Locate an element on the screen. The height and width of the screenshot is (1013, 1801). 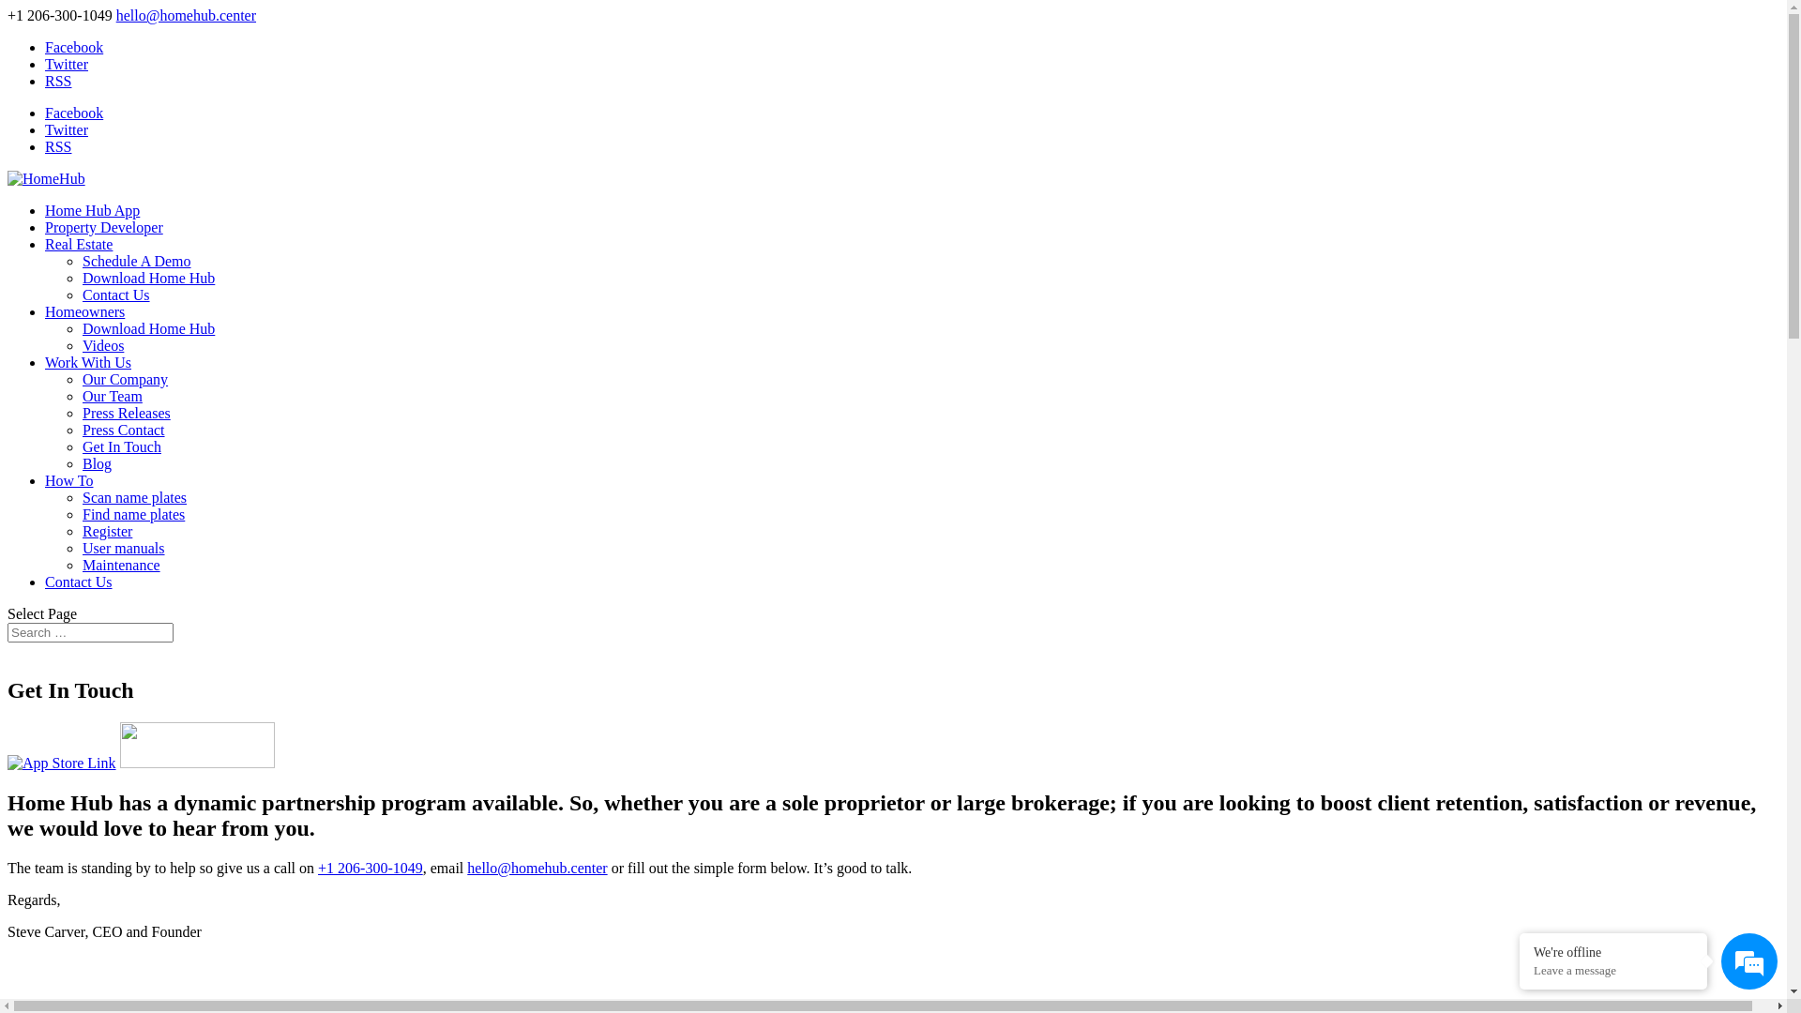
'Homeowners' is located at coordinates (83, 310).